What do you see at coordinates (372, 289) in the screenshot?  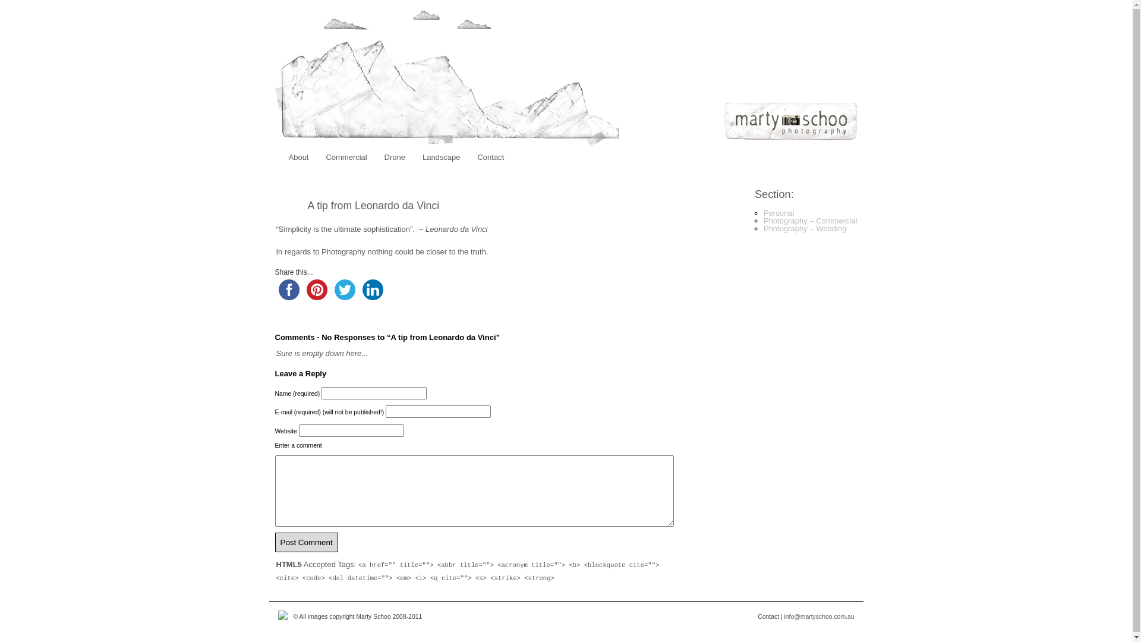 I see `'linkedin'` at bounding box center [372, 289].